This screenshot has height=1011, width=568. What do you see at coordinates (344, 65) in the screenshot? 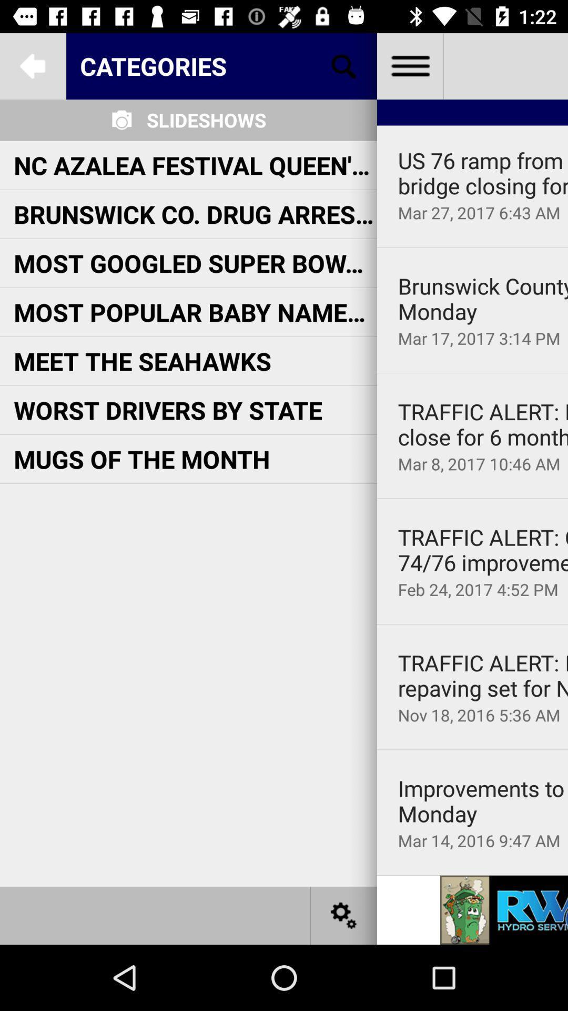
I see `the search button on the web page` at bounding box center [344, 65].